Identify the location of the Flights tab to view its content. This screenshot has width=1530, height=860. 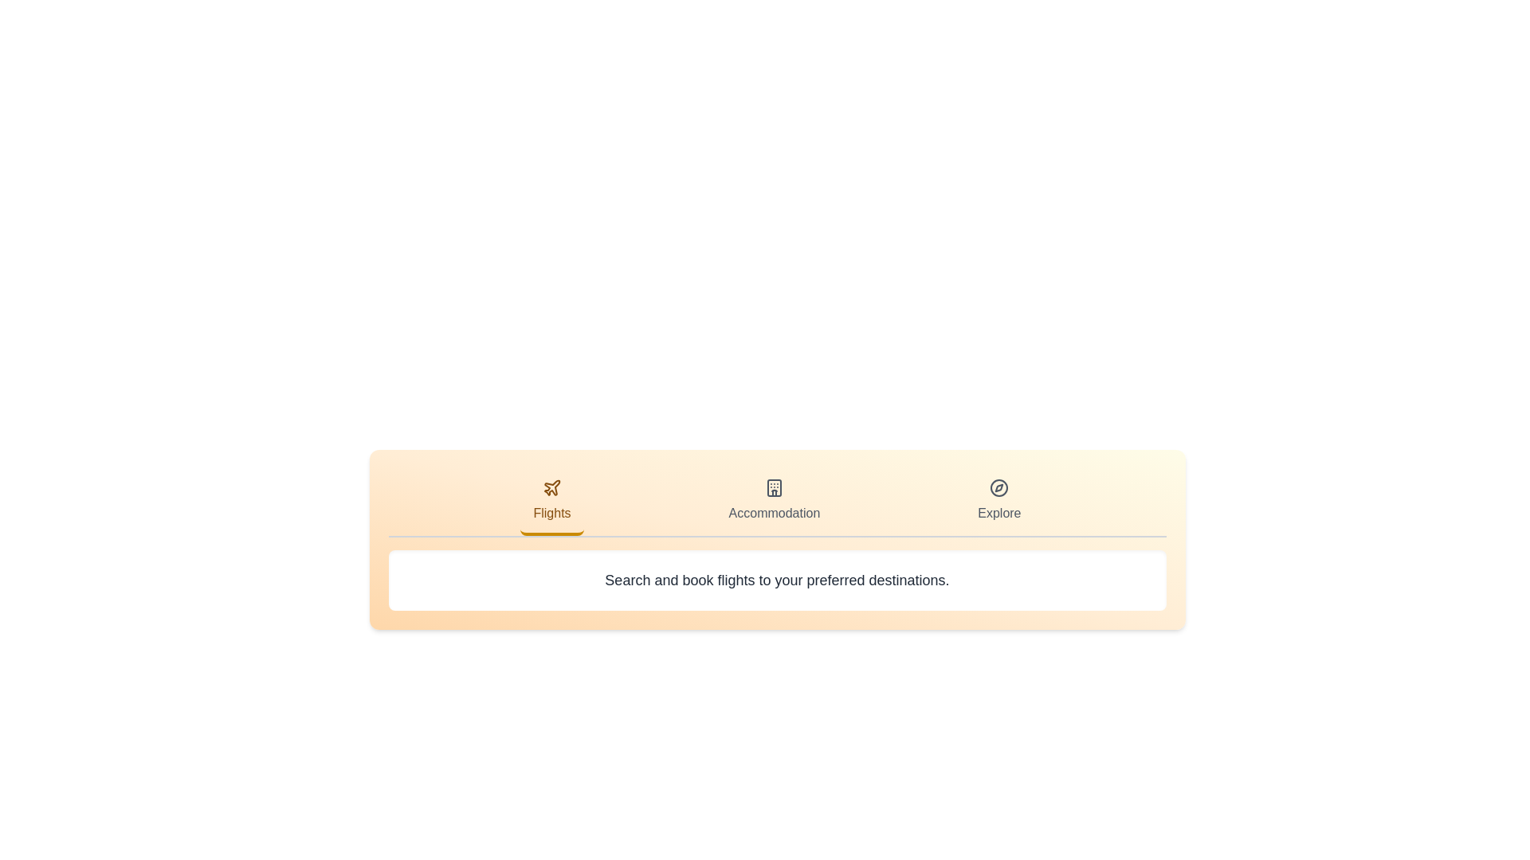
(551, 502).